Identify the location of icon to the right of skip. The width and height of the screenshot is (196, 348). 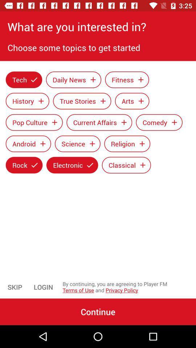
(43, 287).